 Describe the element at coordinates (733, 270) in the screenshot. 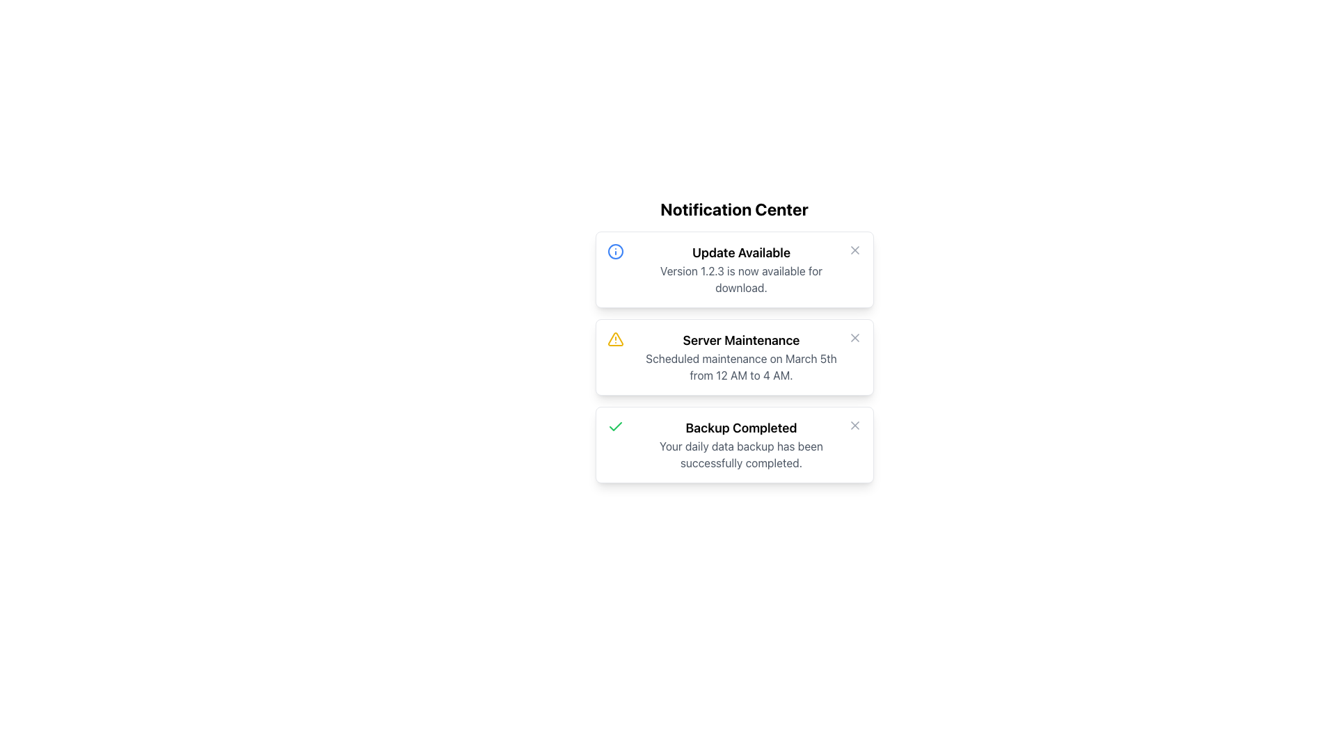

I see `the interactive elements within the Notification Card titled 'Update Available', which is the first card in a vertically stacked group just below 'Notification Center'` at that location.